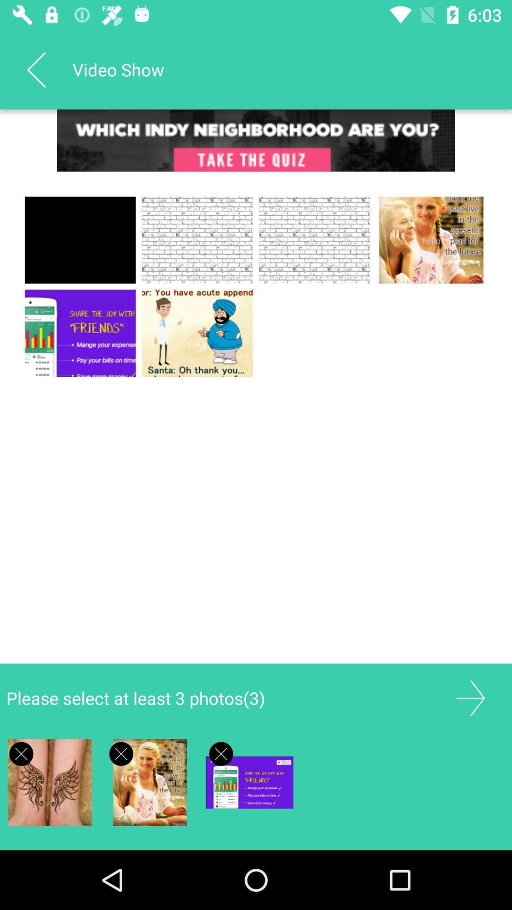 The height and width of the screenshot is (910, 512). I want to click on advertisement, so click(470, 698).